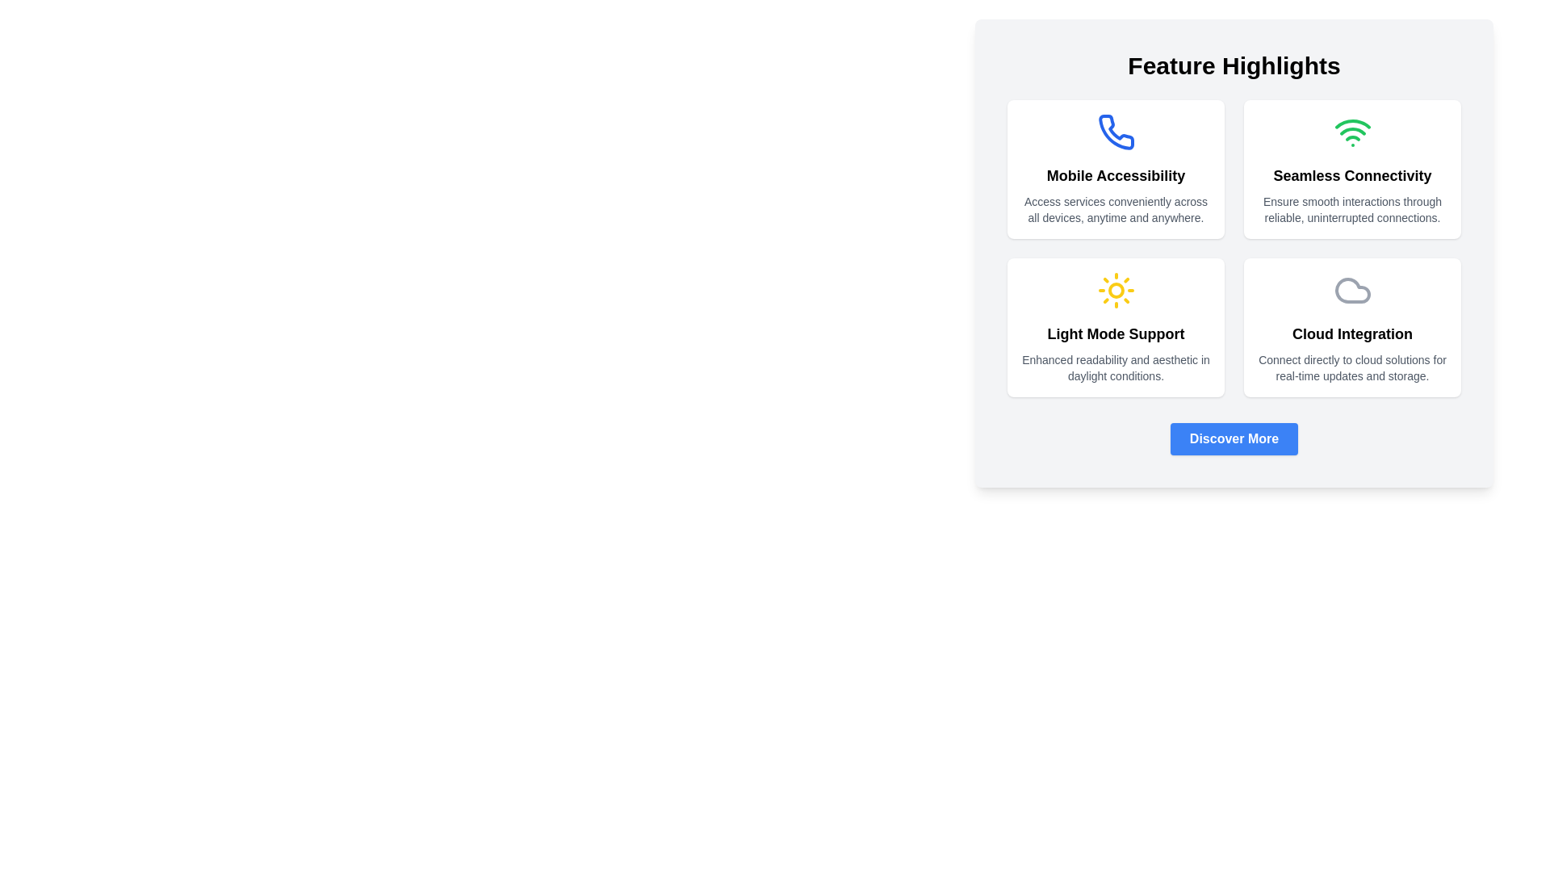  What do you see at coordinates (1352, 333) in the screenshot?
I see `text label that serves as a title within the lower-right box of a 2x2 grid in the highlighted feature section for debugging purposes` at bounding box center [1352, 333].